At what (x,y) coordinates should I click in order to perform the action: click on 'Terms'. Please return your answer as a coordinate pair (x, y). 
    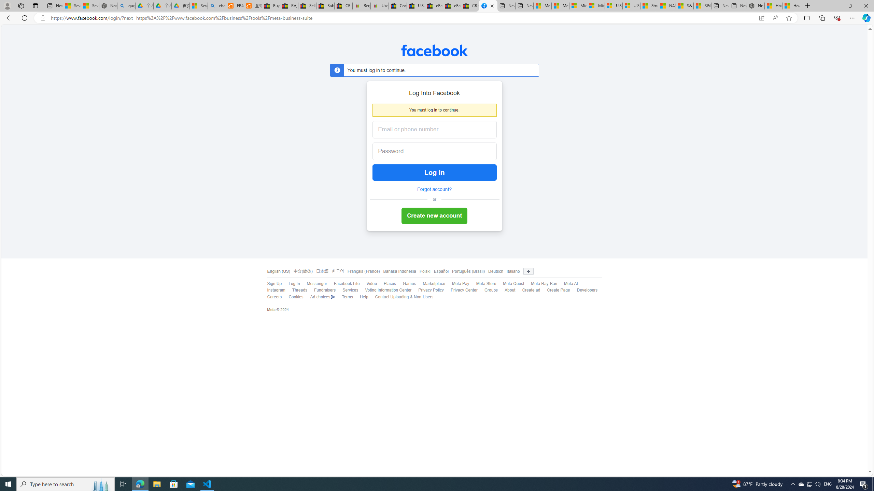
    Looking at the image, I should click on (347, 296).